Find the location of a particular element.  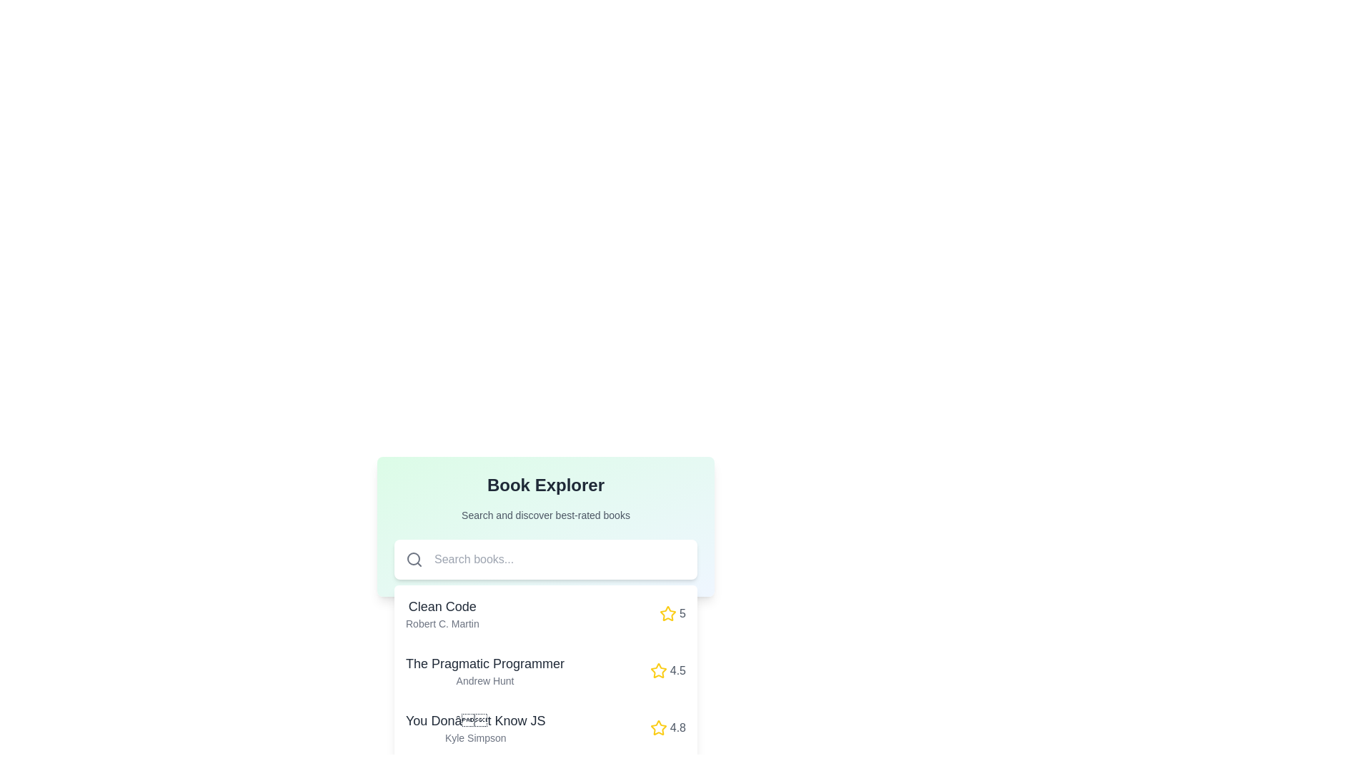

to select the book titled 'Clean Code' by Robert C. Martin, which is the first entry in a vertical list, located below the search bar is located at coordinates (545, 613).